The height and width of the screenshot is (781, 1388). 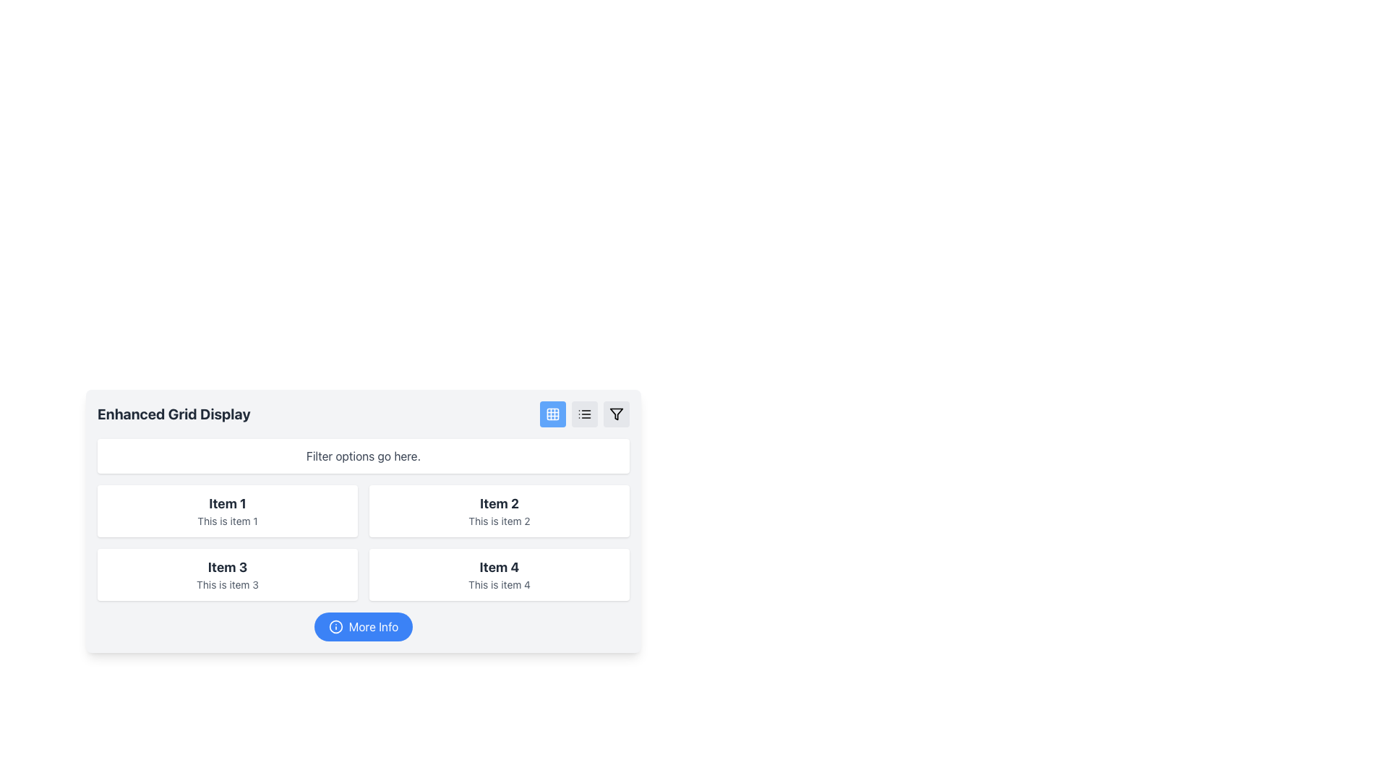 I want to click on the blue rounded button with a grid icon inside, located first in the group of three buttons in the toolbar, so click(x=552, y=414).